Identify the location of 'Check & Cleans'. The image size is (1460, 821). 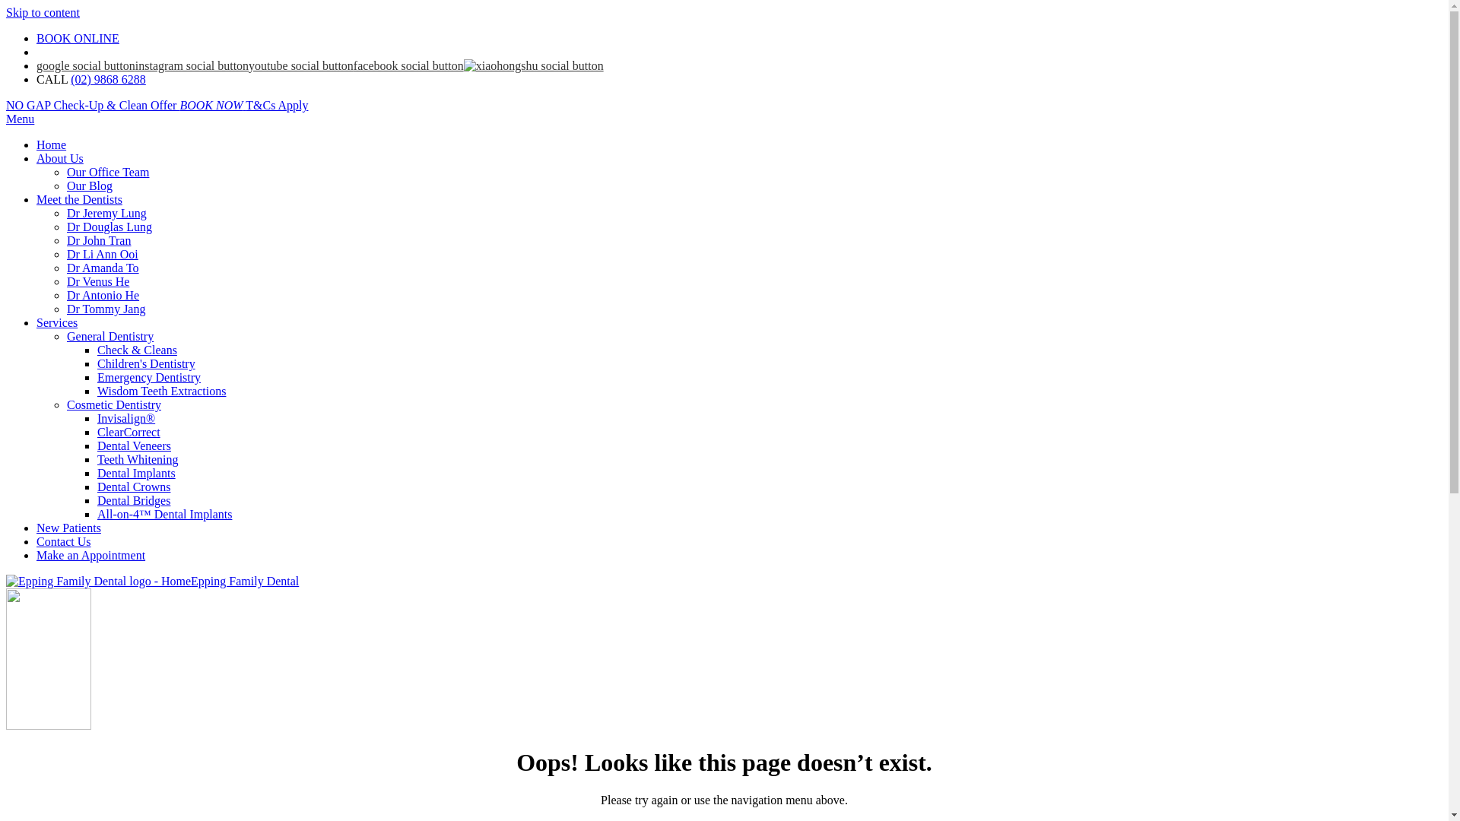
(137, 350).